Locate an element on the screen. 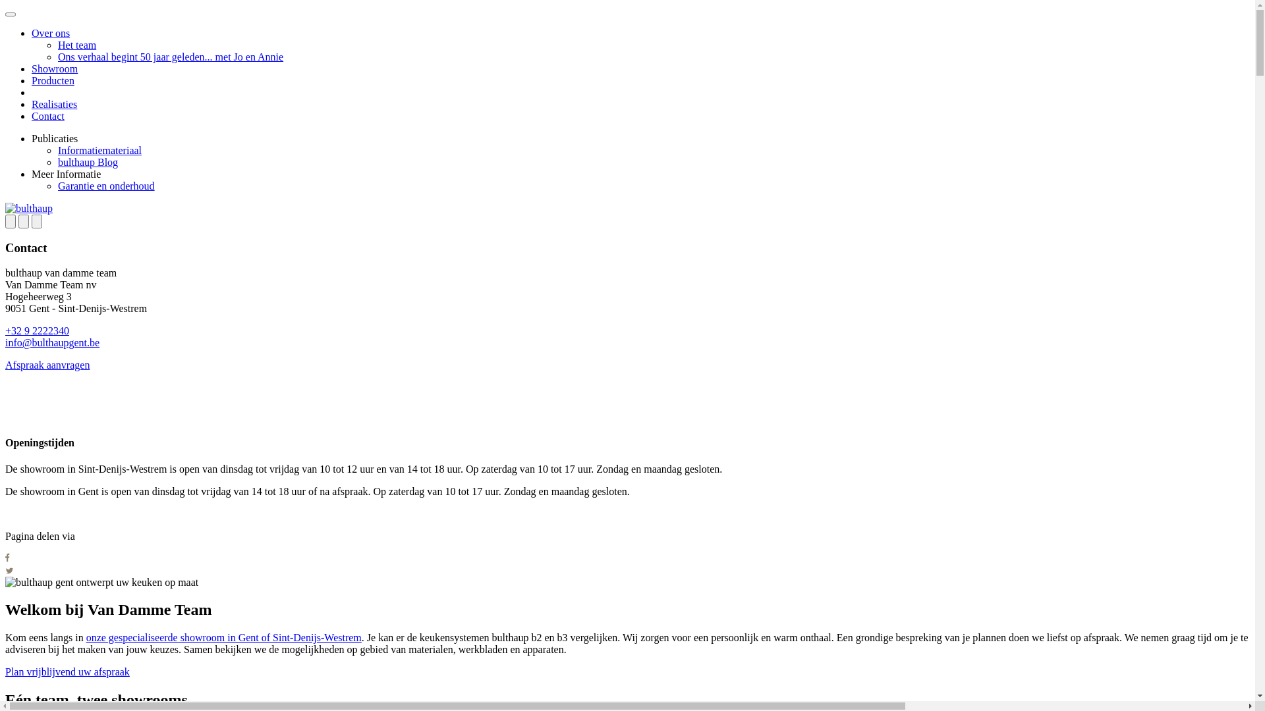 This screenshot has width=1265, height=711. '+32 9 2222340' is located at coordinates (5, 330).